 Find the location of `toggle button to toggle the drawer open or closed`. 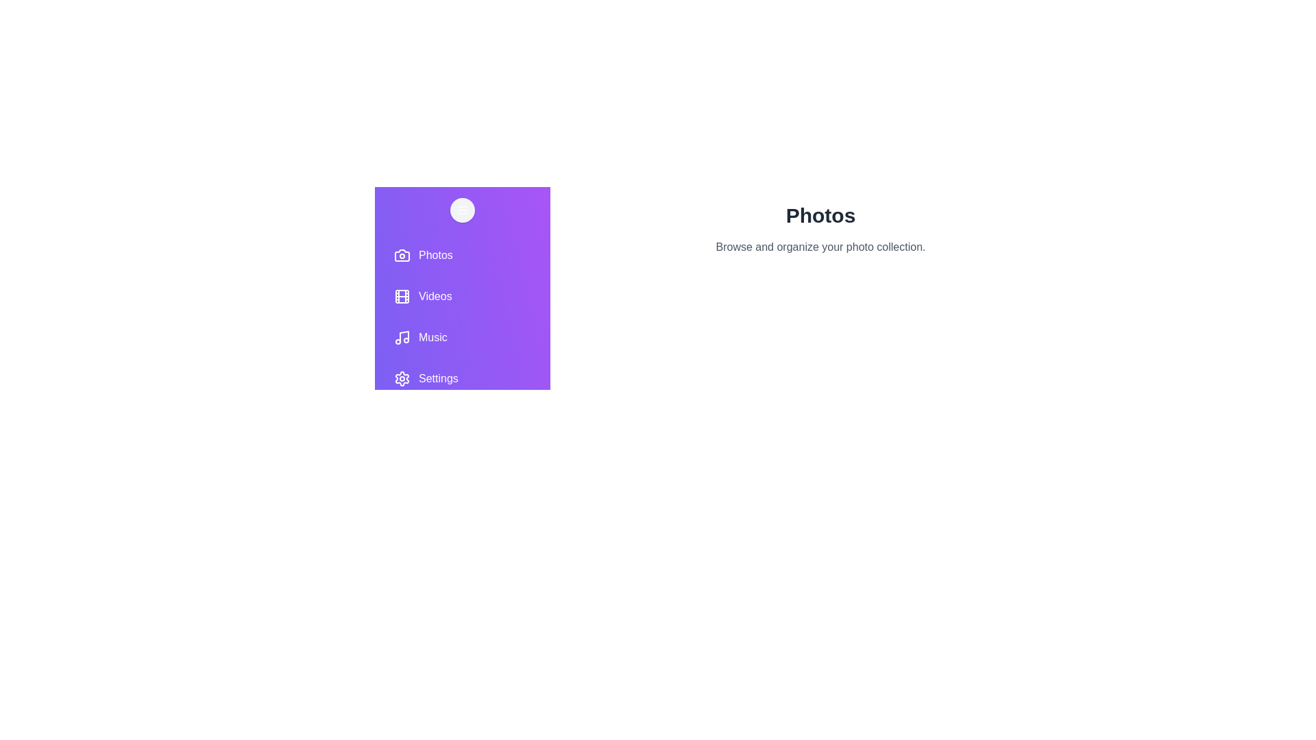

toggle button to toggle the drawer open or closed is located at coordinates (463, 210).